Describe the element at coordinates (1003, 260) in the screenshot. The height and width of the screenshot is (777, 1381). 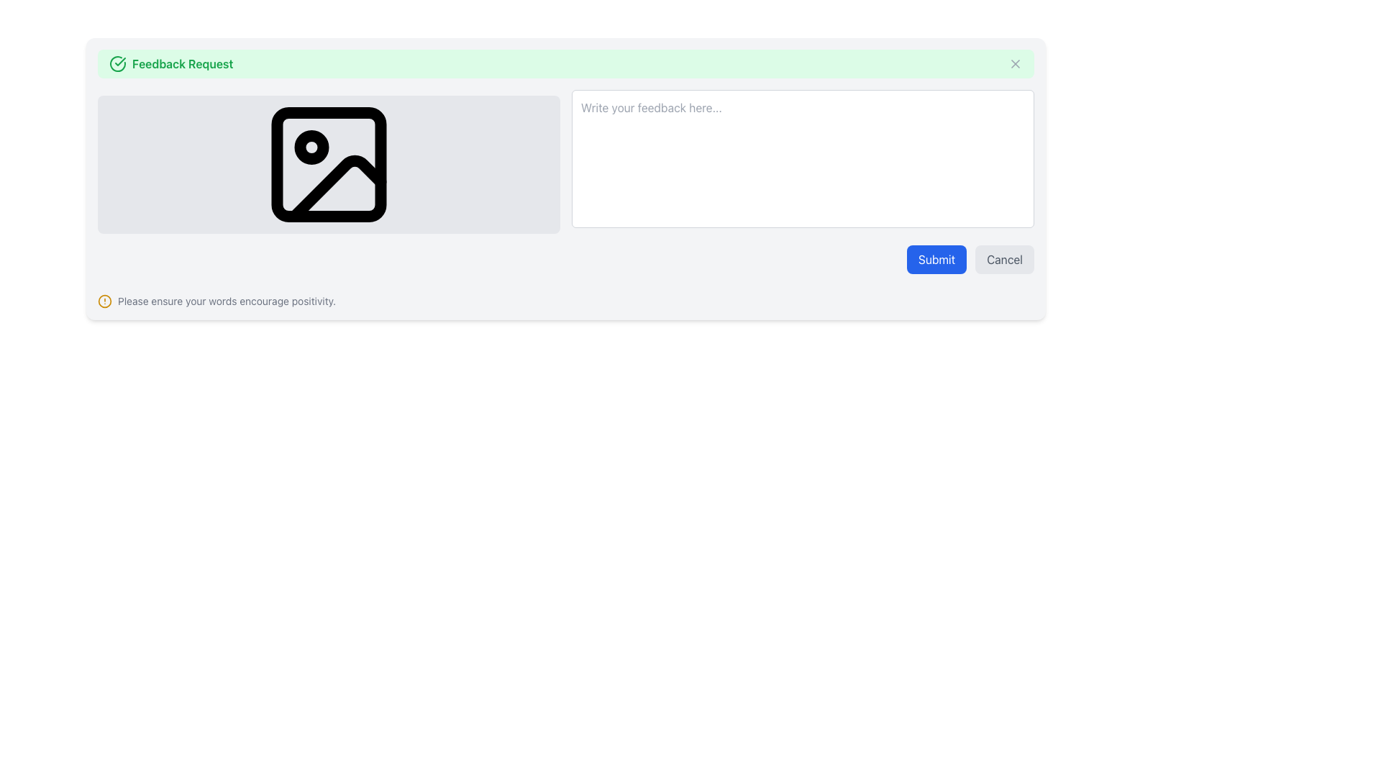
I see `the 'Cancel' button located in the bottom-right corner of the interface, styled with a light gray background and rounded edges` at that location.